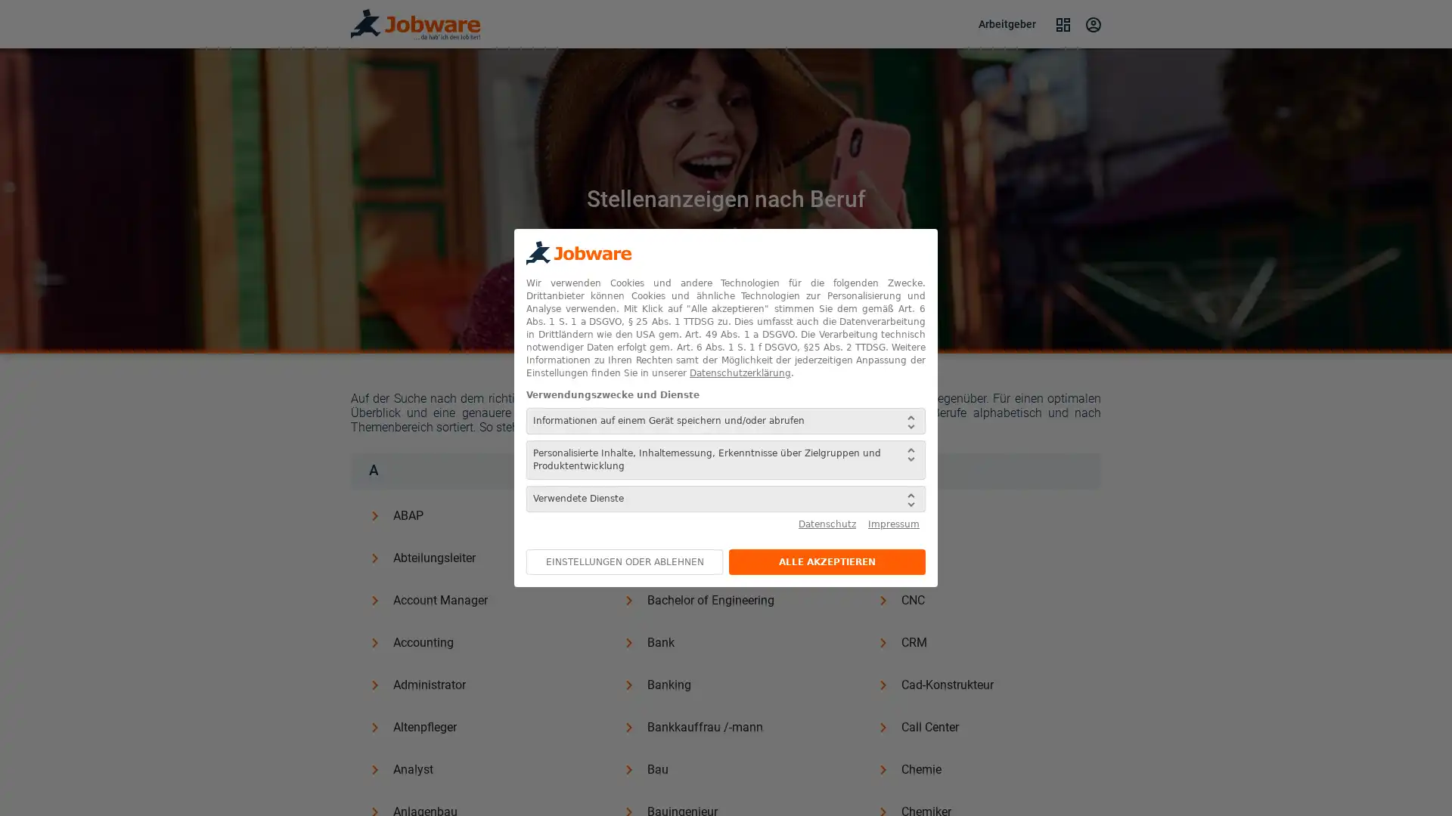  Describe the element at coordinates (624, 562) in the screenshot. I see `EINSTELLUNGEN ODER ABLEHNEN` at that location.